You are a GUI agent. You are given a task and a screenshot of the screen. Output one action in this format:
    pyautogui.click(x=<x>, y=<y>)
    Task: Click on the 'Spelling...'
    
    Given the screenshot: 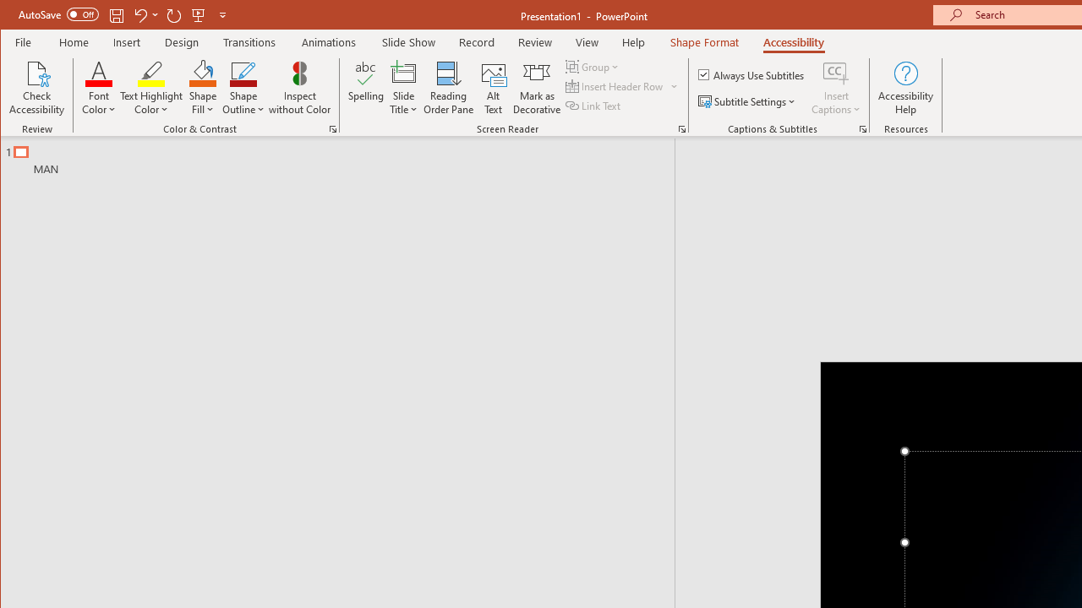 What is the action you would take?
    pyautogui.click(x=365, y=88)
    